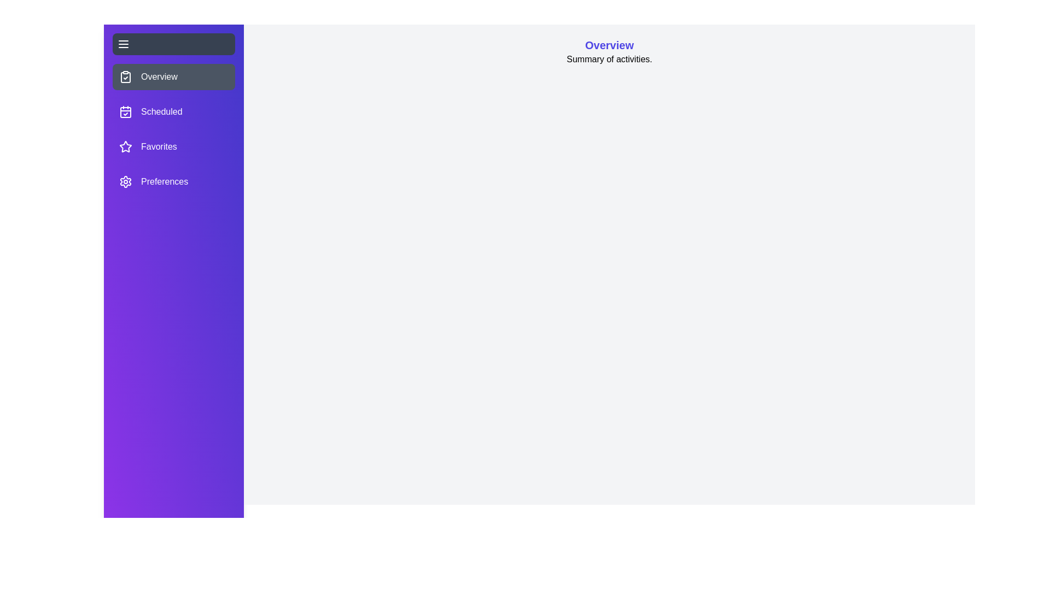 This screenshot has height=590, width=1050. Describe the element at coordinates (173, 76) in the screenshot. I see `the section Overview from the drawer menu` at that location.